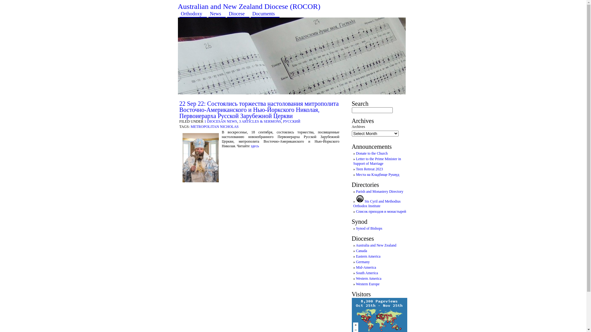  Describe the element at coordinates (214, 126) in the screenshot. I see `'METROPOLITAN NICHOLAS'` at that location.